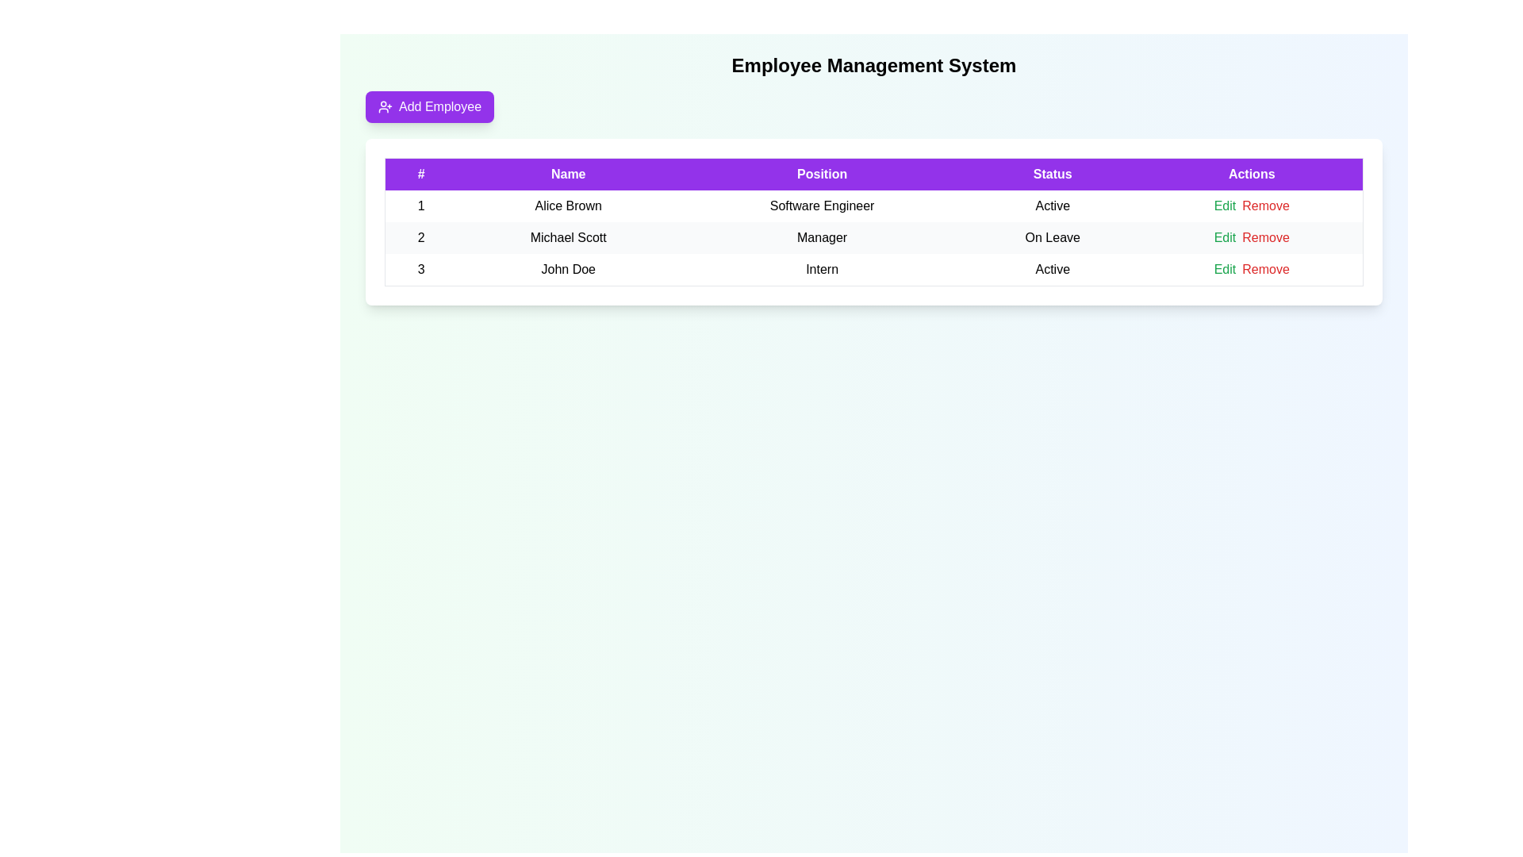 The image size is (1523, 857). What do you see at coordinates (1053, 269) in the screenshot?
I see `the static text label indicating 'Active' status for the employee 'John Doe' in the status column of the table` at bounding box center [1053, 269].